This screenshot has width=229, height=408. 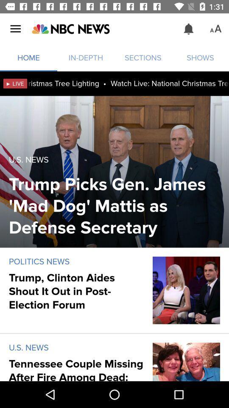 What do you see at coordinates (70, 29) in the screenshot?
I see `main page` at bounding box center [70, 29].